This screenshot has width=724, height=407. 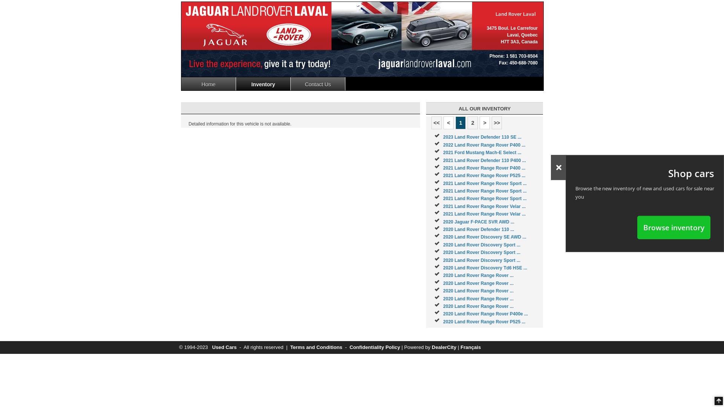 I want to click on '2020 Land Rover Defender 110 ...', so click(x=478, y=229).